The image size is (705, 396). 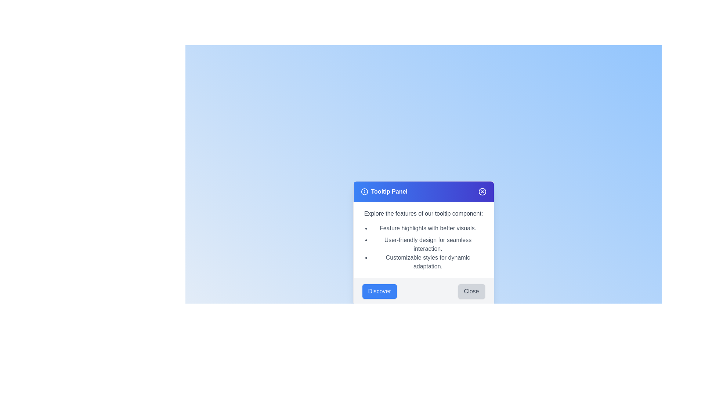 What do you see at coordinates (428, 247) in the screenshot?
I see `text content displayed in the vertical list below the heading 'Explore the features of our tooltip component:'` at bounding box center [428, 247].